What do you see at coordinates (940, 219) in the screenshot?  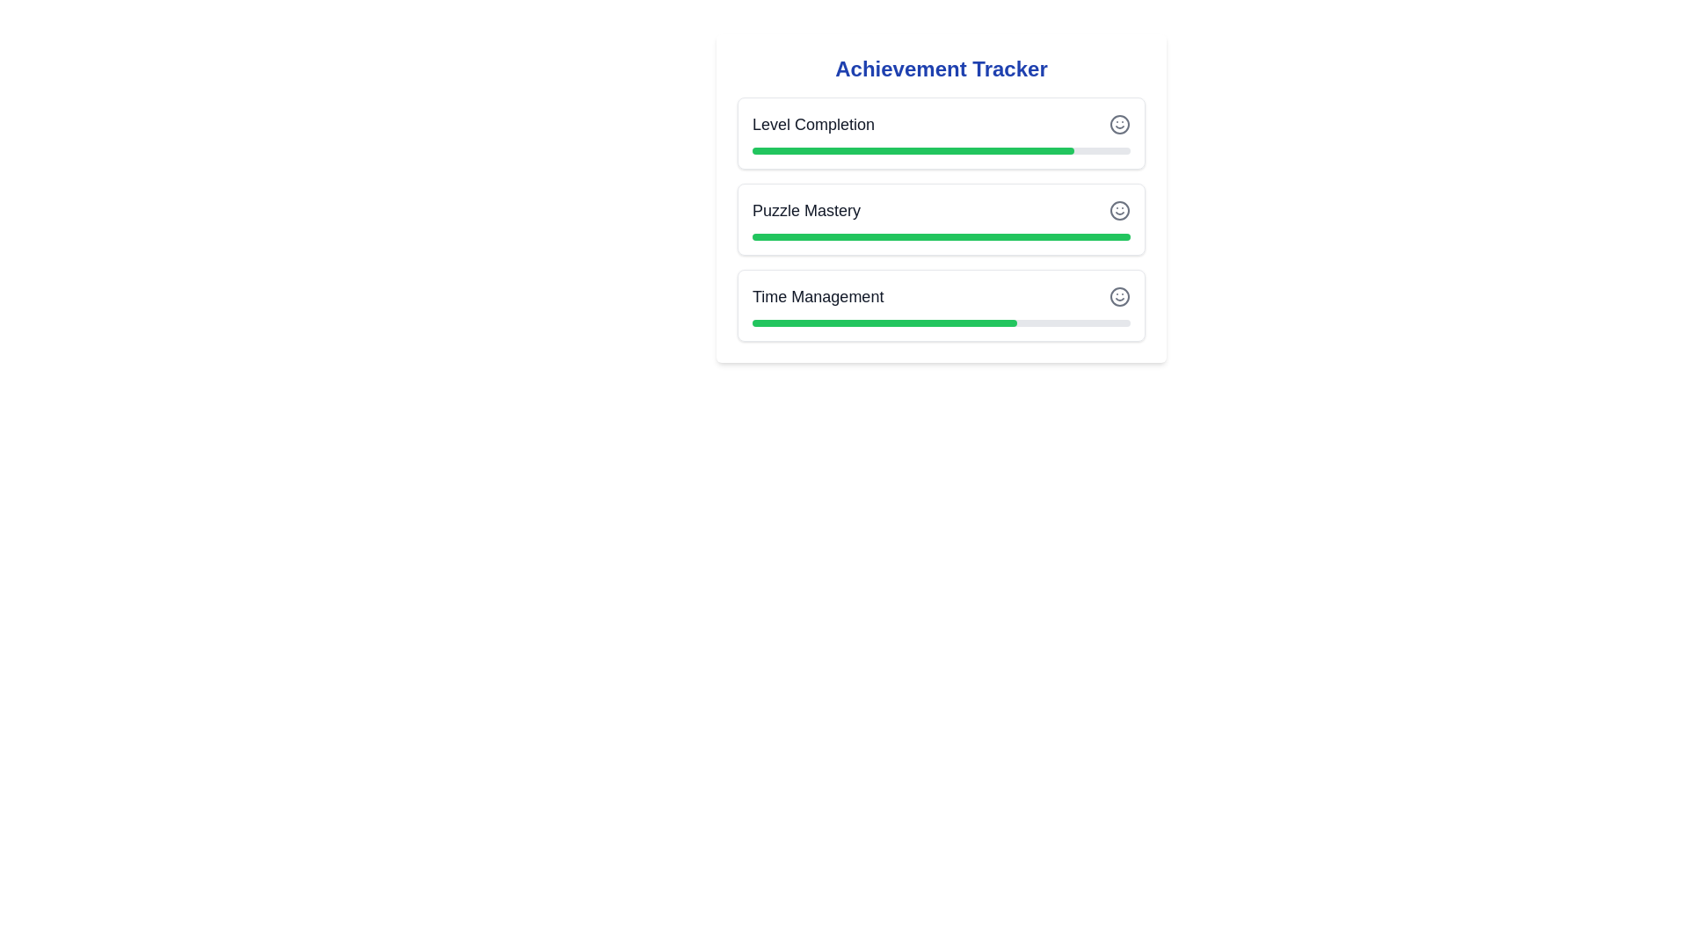 I see `the Progress tracker element for the 'Puzzle Mastery' metric, which is the second item in the vertical list under 'Achievement Tracker'` at bounding box center [940, 219].